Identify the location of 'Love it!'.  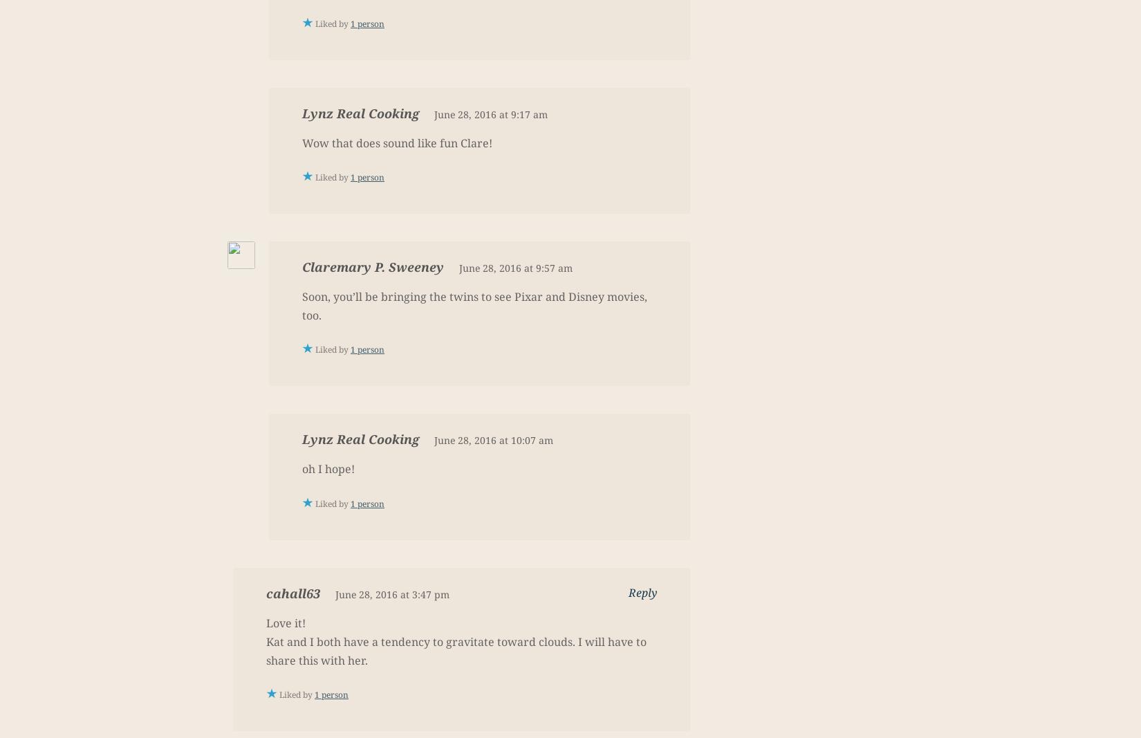
(285, 622).